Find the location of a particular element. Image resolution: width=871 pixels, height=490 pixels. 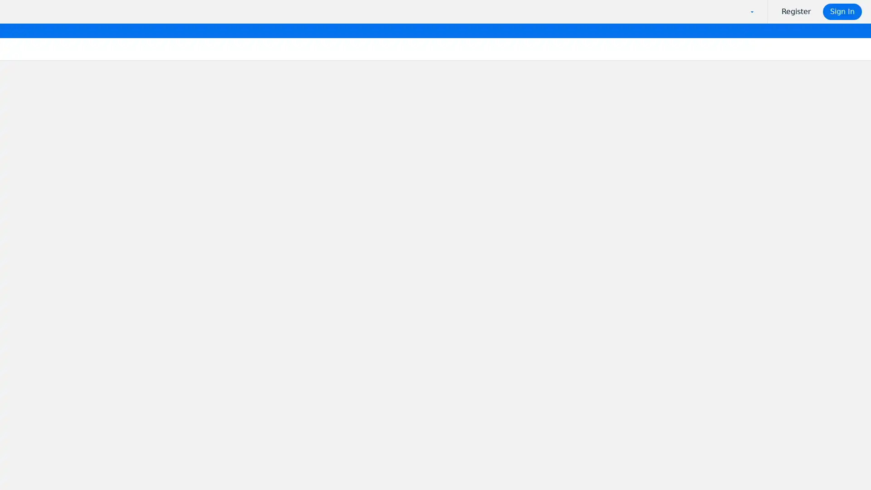

Register is located at coordinates (799, 12).